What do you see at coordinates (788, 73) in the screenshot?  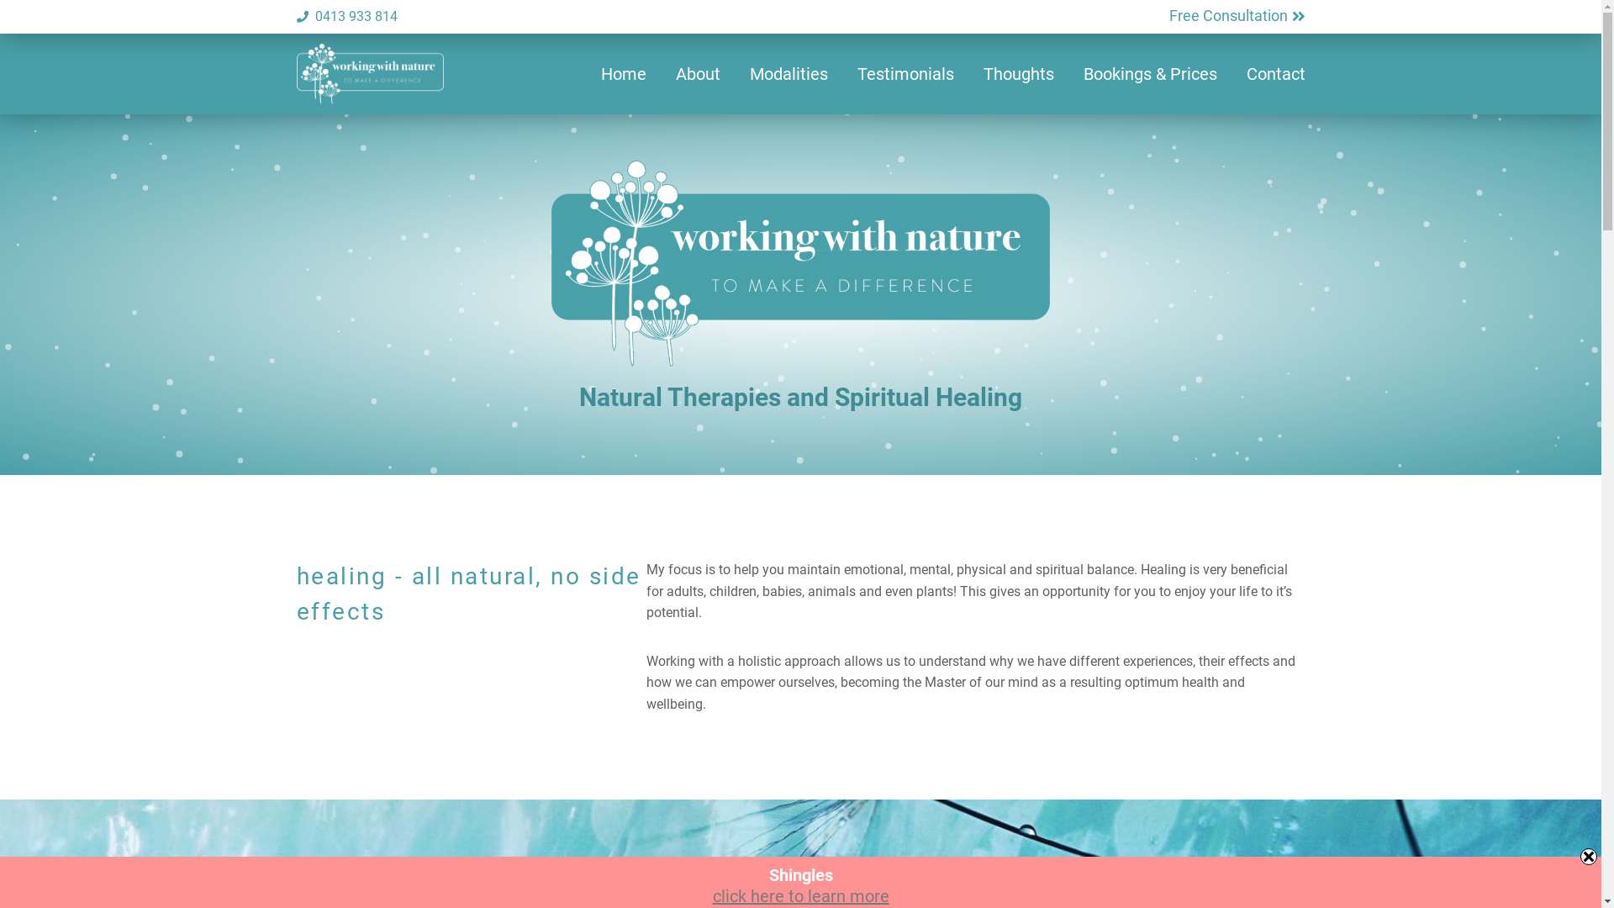 I see `'Modalities'` at bounding box center [788, 73].